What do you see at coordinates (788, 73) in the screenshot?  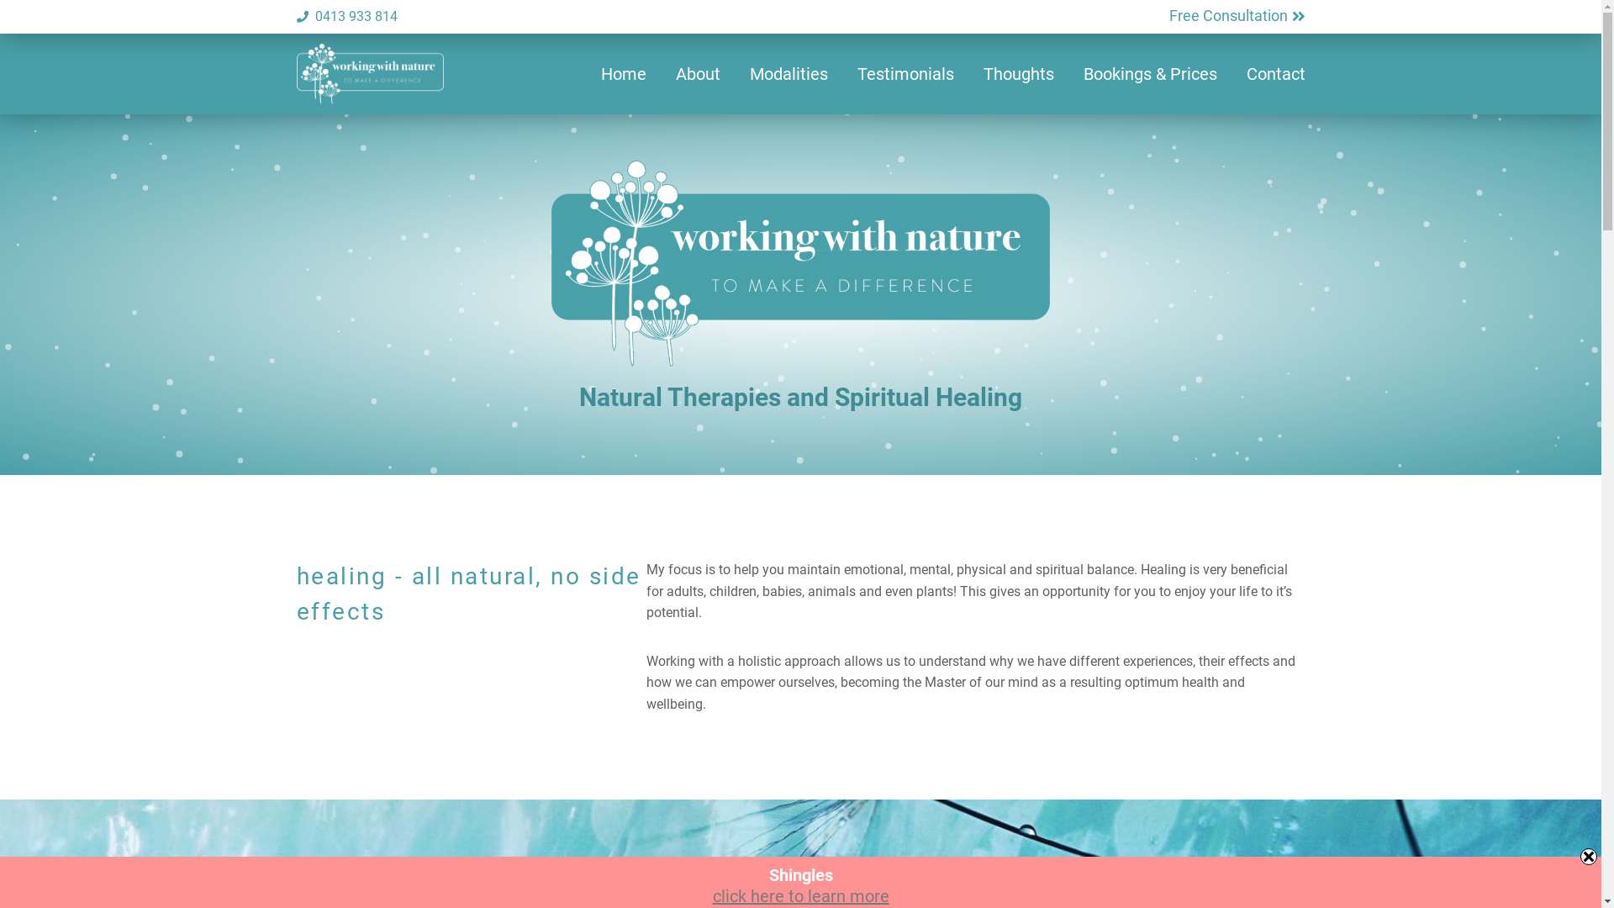 I see `'Modalities'` at bounding box center [788, 73].